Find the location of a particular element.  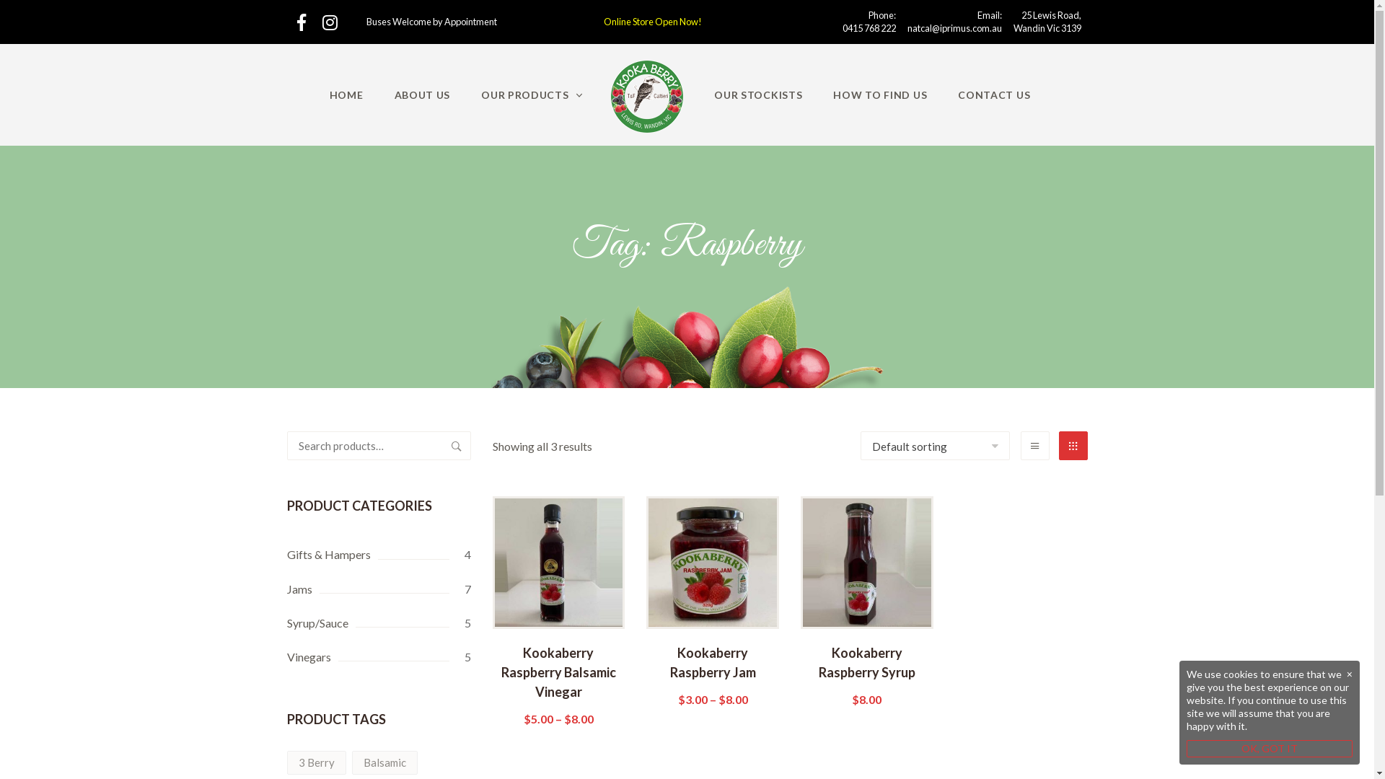

'OUR STOCKISTS' is located at coordinates (757, 94).